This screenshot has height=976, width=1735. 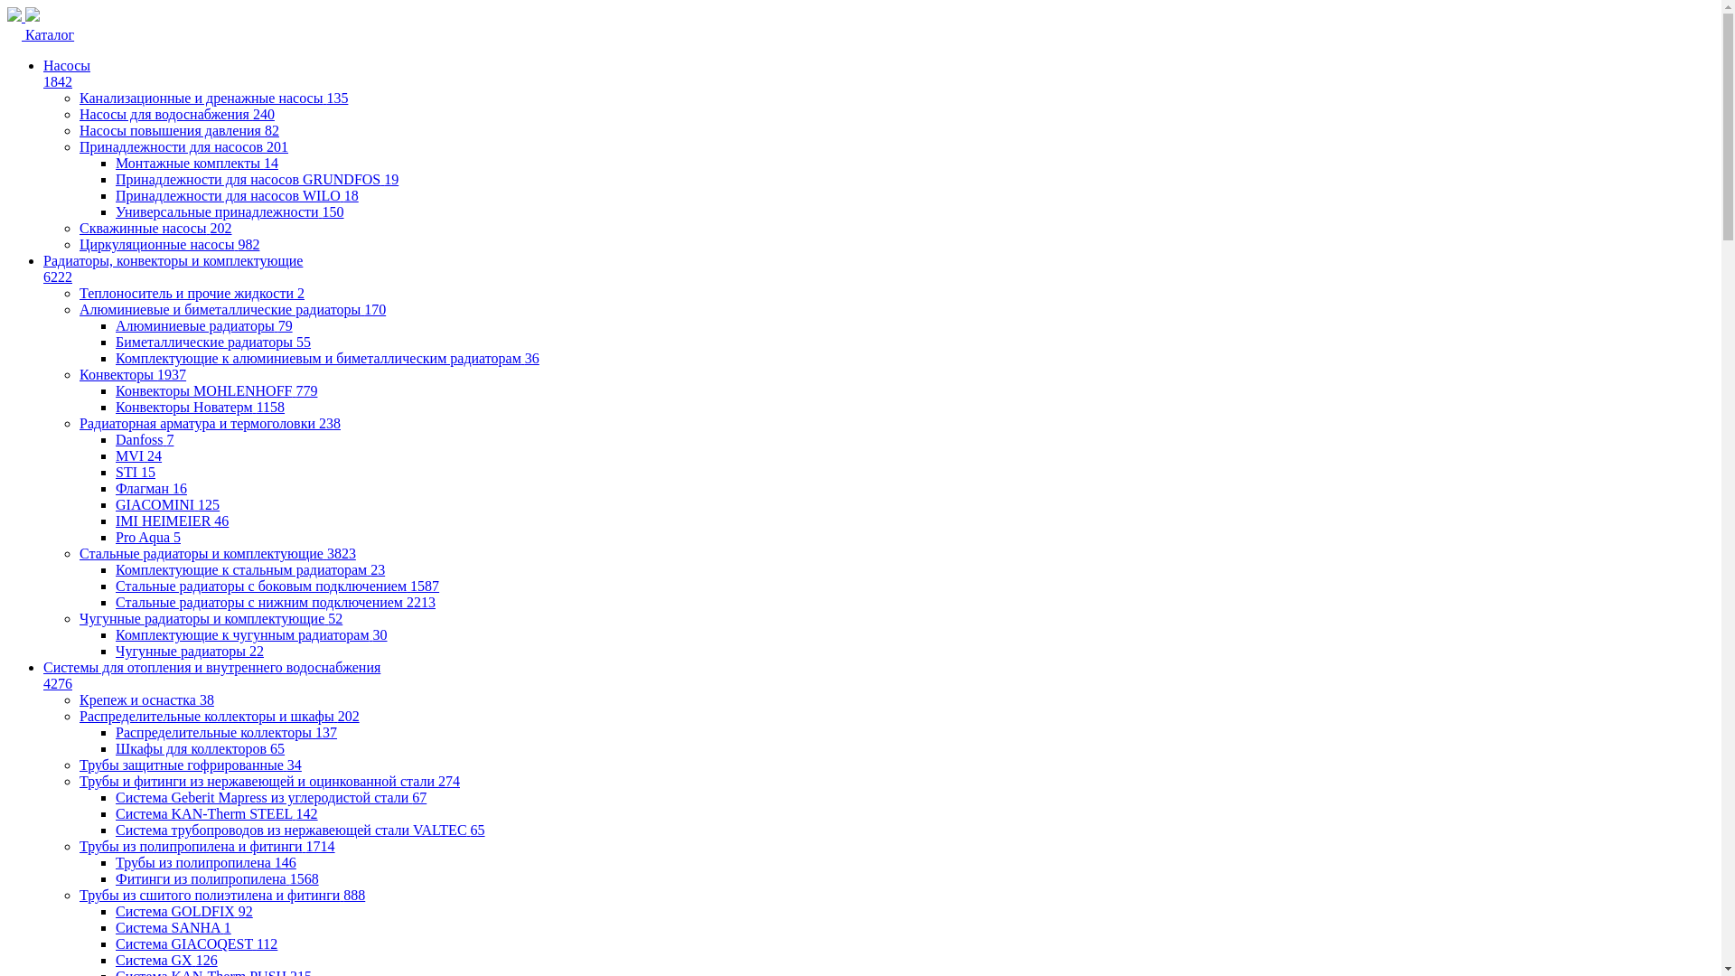 I want to click on 'Danfoss 7', so click(x=143, y=439).